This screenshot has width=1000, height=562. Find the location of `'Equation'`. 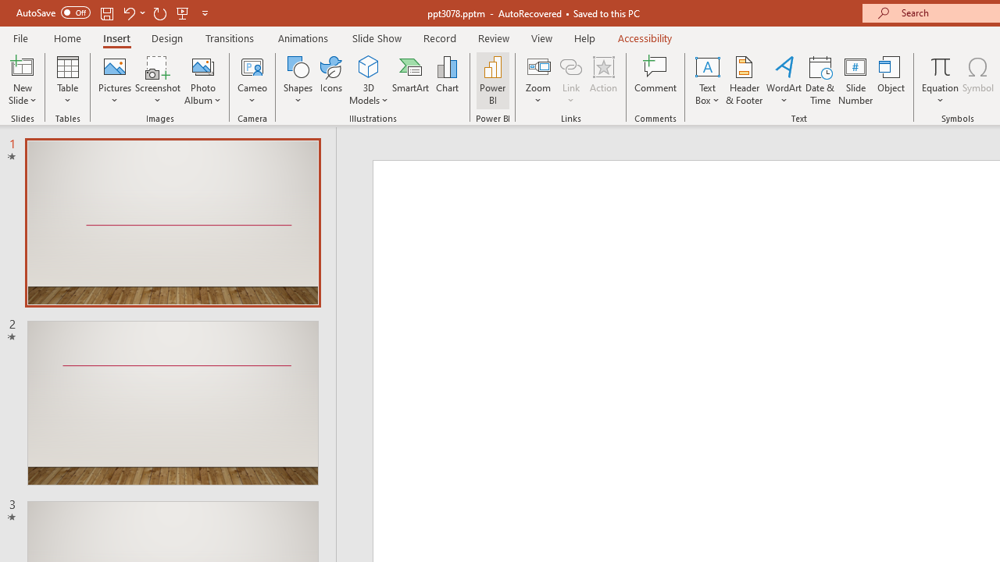

'Equation' is located at coordinates (939, 66).